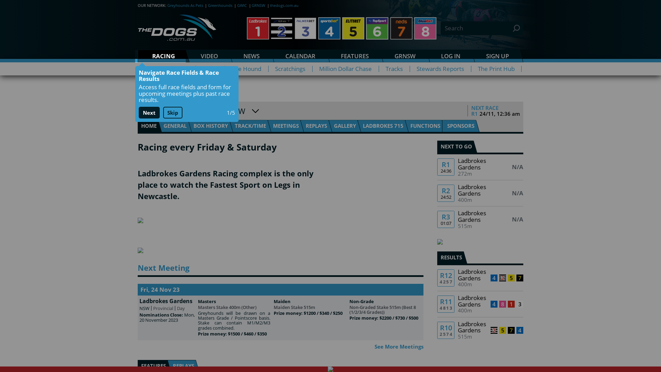 The width and height of the screenshot is (661, 372). I want to click on 'Next', so click(148, 112).